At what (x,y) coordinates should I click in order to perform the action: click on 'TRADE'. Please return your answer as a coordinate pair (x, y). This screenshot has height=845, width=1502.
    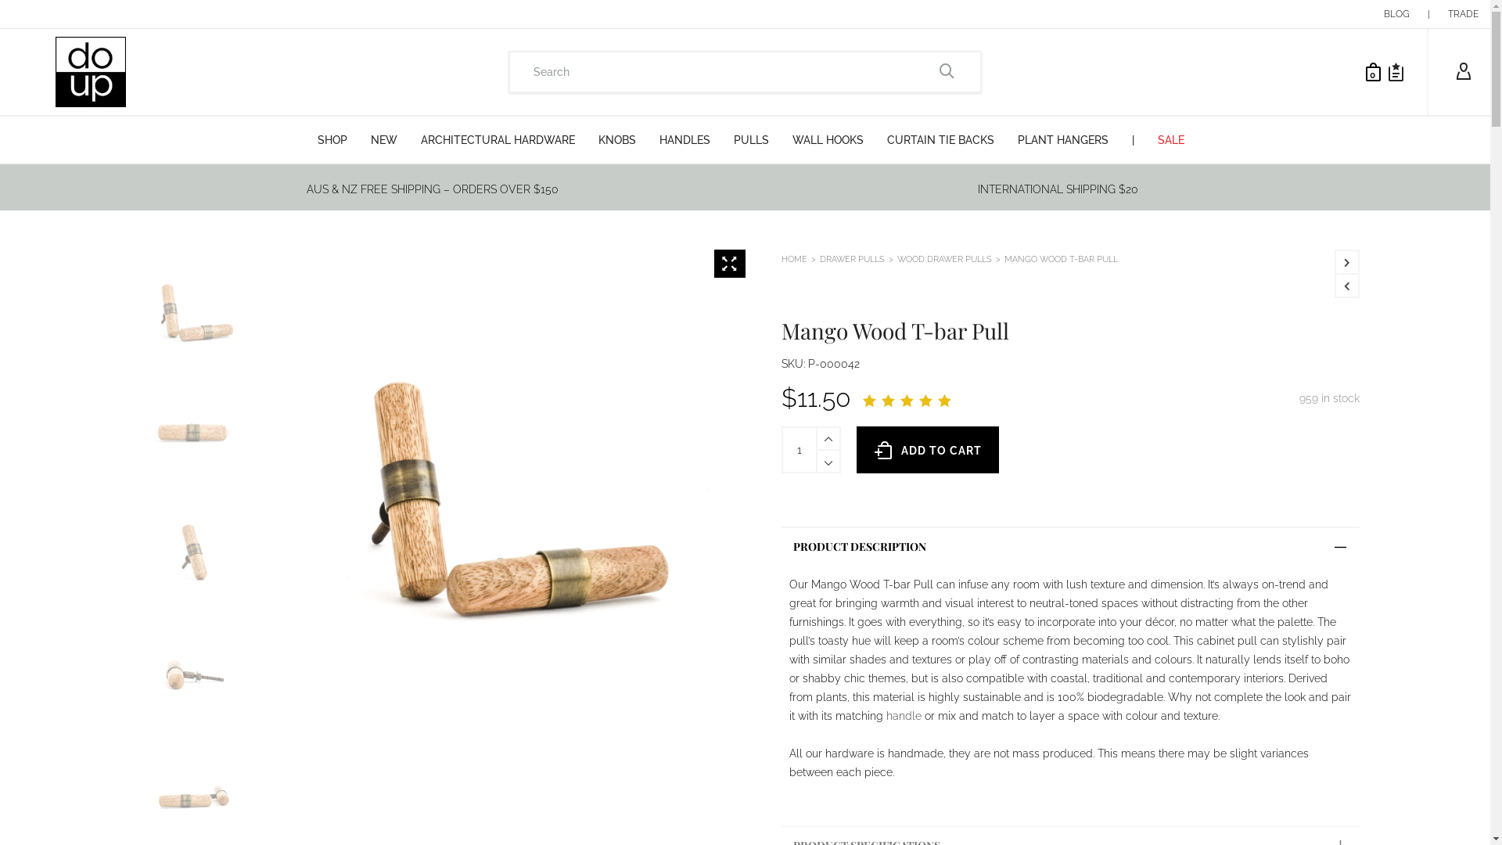
    Looking at the image, I should click on (1462, 14).